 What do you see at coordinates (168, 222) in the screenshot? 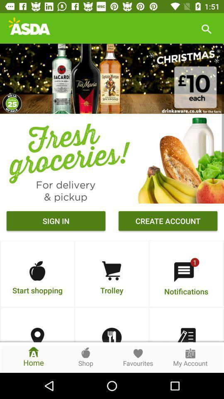
I see `create account item` at bounding box center [168, 222].